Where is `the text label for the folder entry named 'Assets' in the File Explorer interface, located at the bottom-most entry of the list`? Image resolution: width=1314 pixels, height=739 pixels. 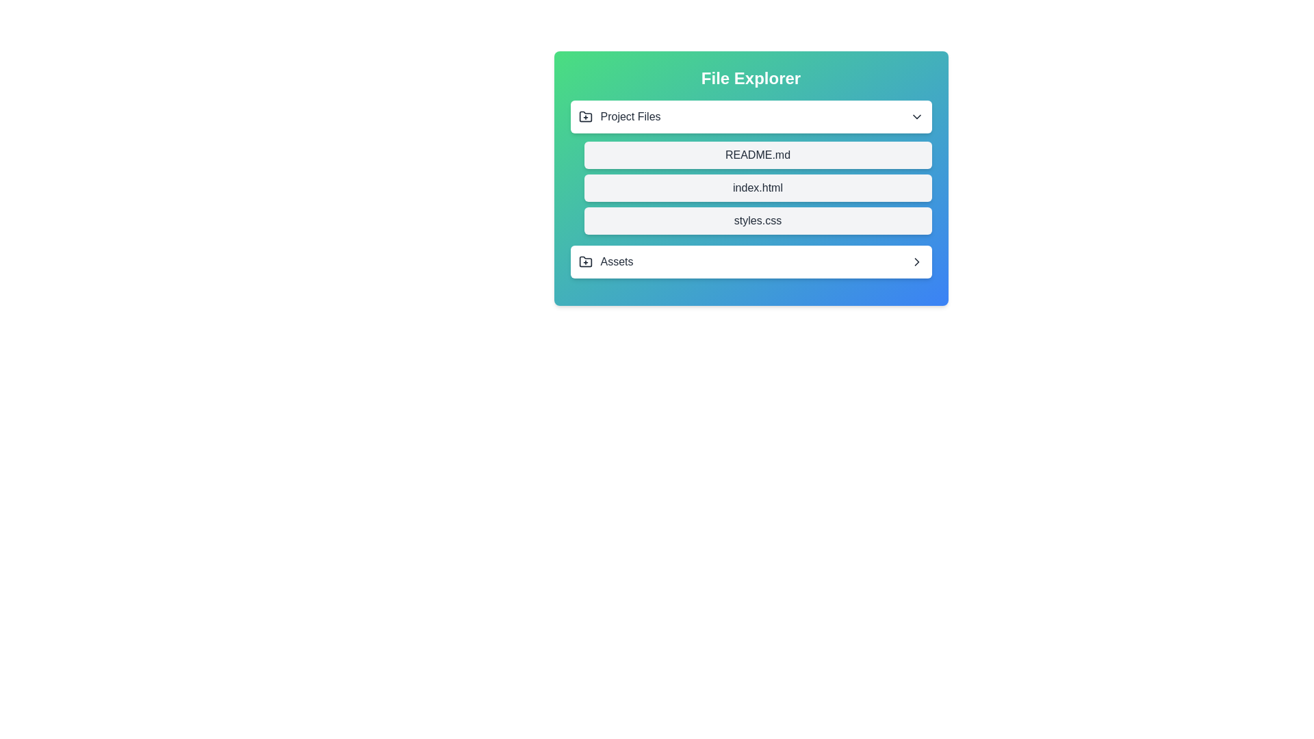 the text label for the folder entry named 'Assets' in the File Explorer interface, located at the bottom-most entry of the list is located at coordinates (616, 261).